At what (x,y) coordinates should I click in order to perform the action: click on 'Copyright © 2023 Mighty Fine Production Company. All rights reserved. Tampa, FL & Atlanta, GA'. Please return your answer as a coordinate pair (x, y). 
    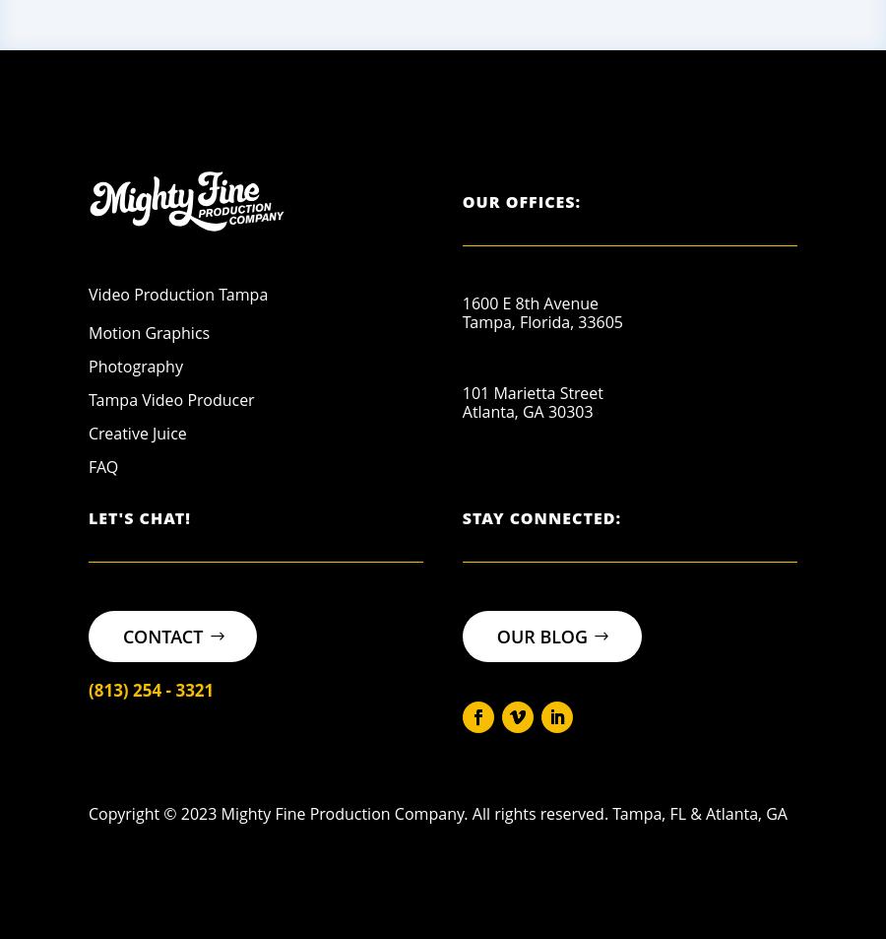
    Looking at the image, I should click on (437, 813).